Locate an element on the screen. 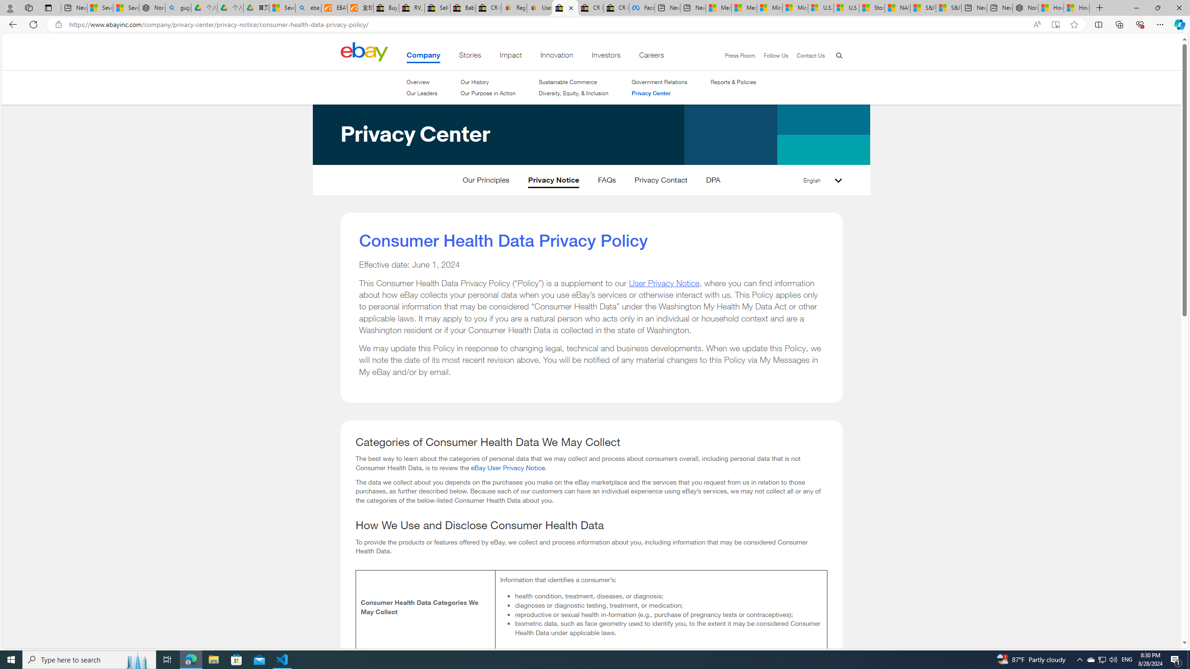  'Privacy Notice' is located at coordinates (553, 181).